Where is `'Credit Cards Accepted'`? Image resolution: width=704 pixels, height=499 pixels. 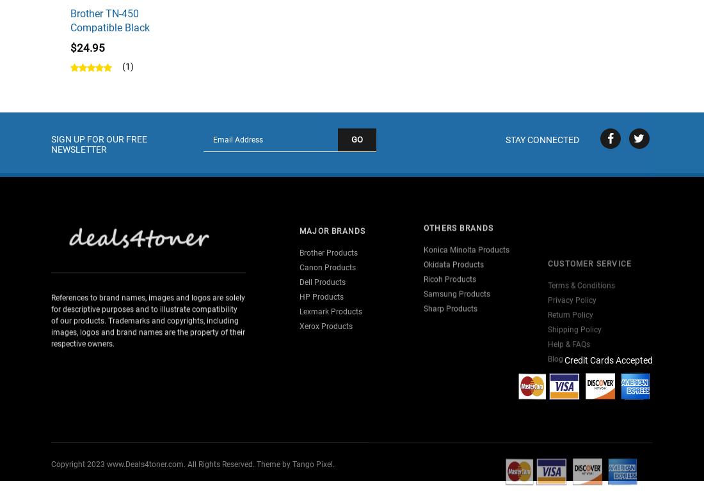
'Credit Cards Accepted' is located at coordinates (608, 360).